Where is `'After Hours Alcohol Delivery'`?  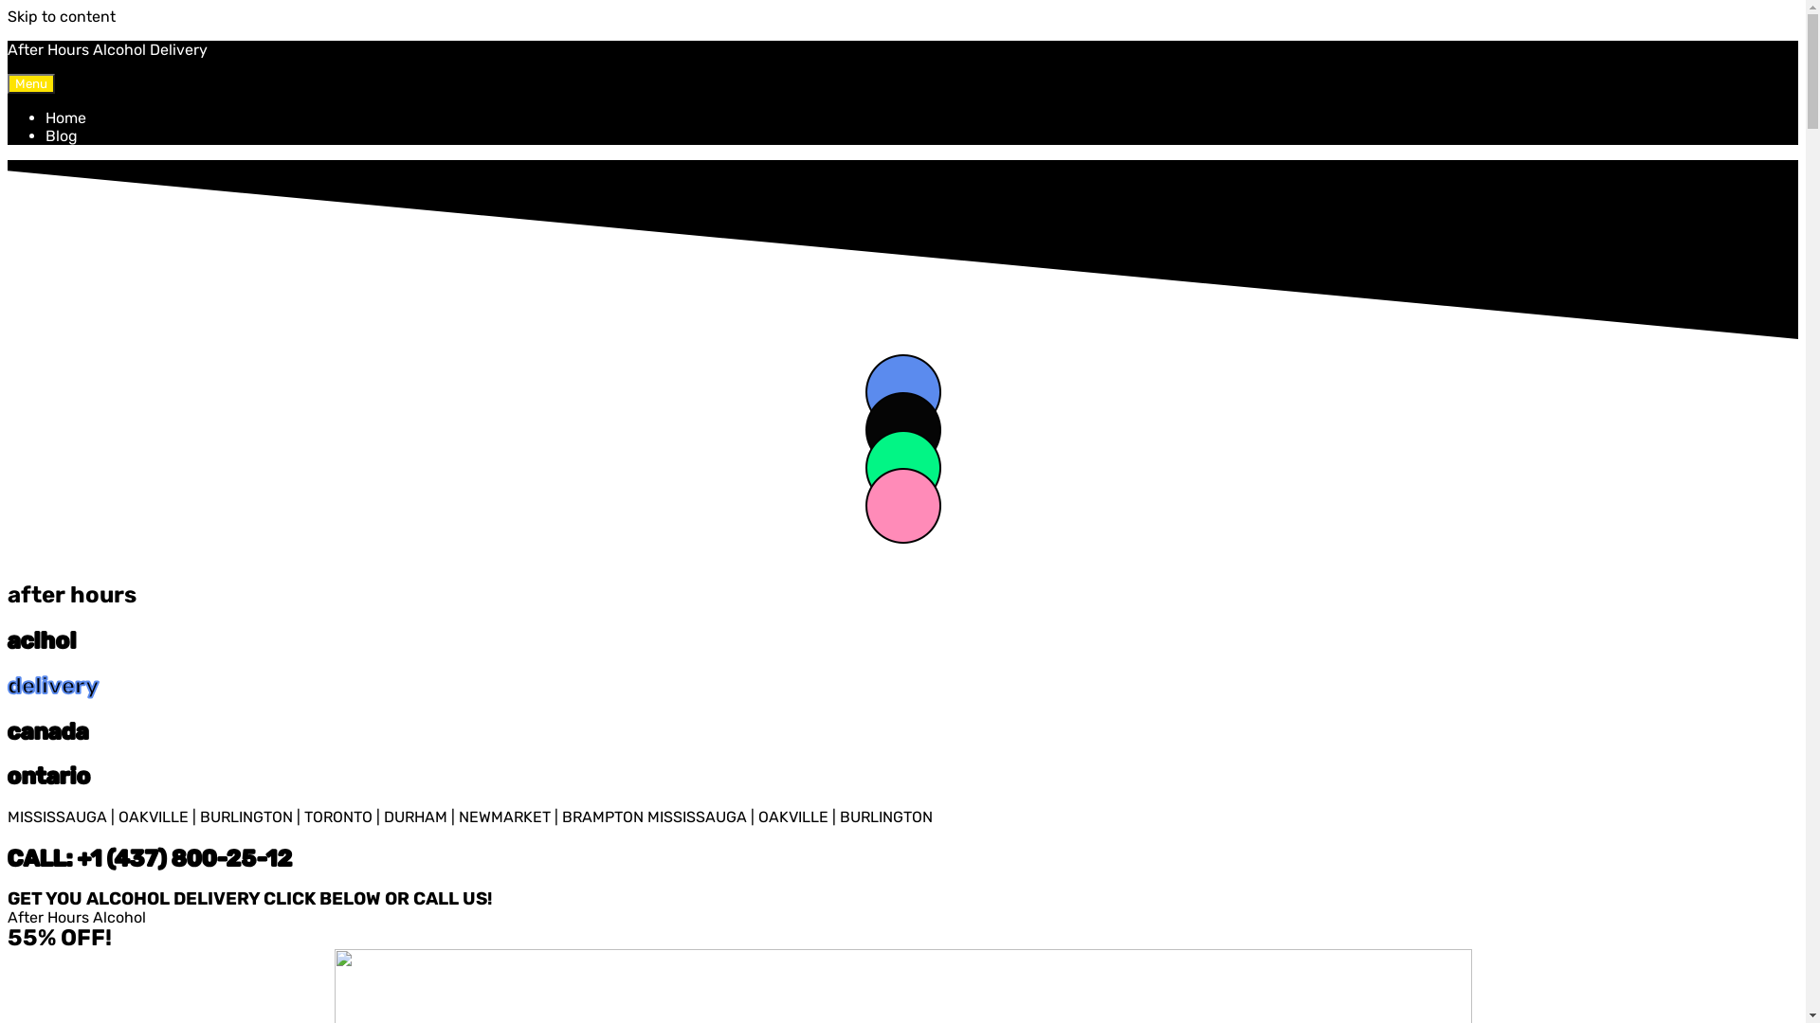
'After Hours Alcohol Delivery' is located at coordinates (106, 48).